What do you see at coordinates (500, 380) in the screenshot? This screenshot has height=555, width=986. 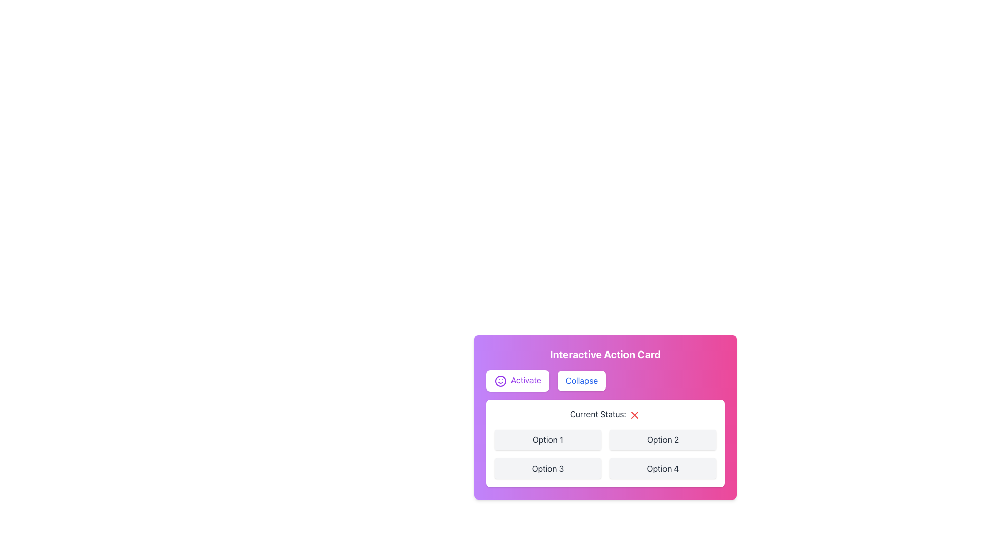 I see `the decorative icon located to the immediate left of the 'Activate' button text` at bounding box center [500, 380].